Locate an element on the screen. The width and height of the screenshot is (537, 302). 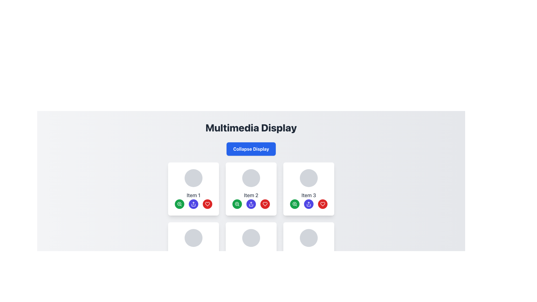
the circular purple button with a white upward arrow symbol, which is centrally located in the grid cell labeled 'Item 2' is located at coordinates (251, 204).